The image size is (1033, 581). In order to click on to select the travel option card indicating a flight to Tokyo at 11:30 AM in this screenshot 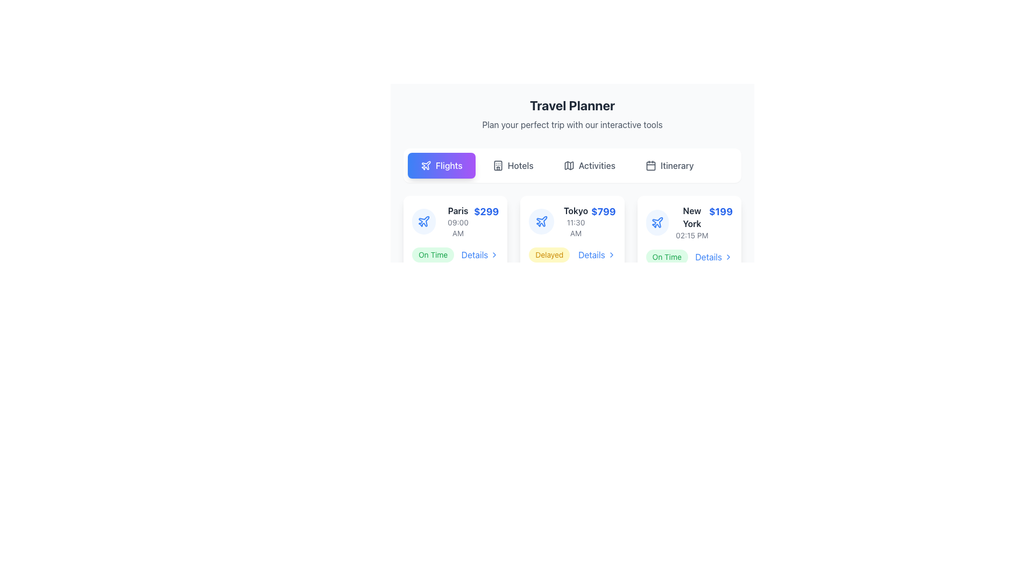, I will do `click(560, 221)`.